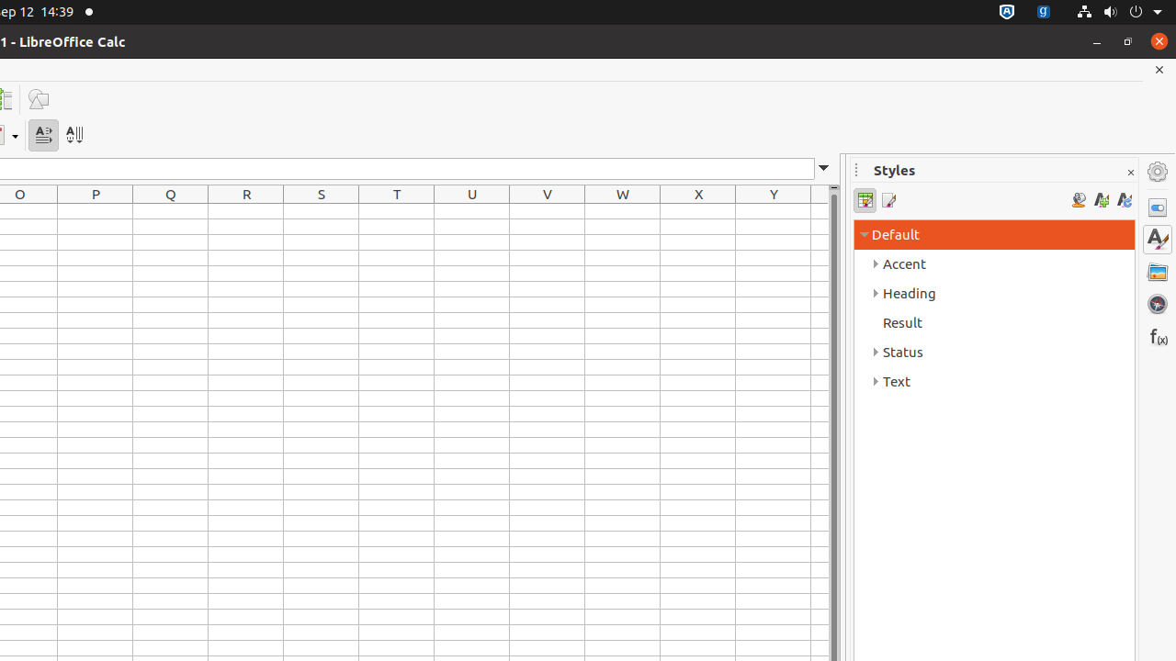 The height and width of the screenshot is (661, 1176). What do you see at coordinates (170, 210) in the screenshot?
I see `'Q1'` at bounding box center [170, 210].